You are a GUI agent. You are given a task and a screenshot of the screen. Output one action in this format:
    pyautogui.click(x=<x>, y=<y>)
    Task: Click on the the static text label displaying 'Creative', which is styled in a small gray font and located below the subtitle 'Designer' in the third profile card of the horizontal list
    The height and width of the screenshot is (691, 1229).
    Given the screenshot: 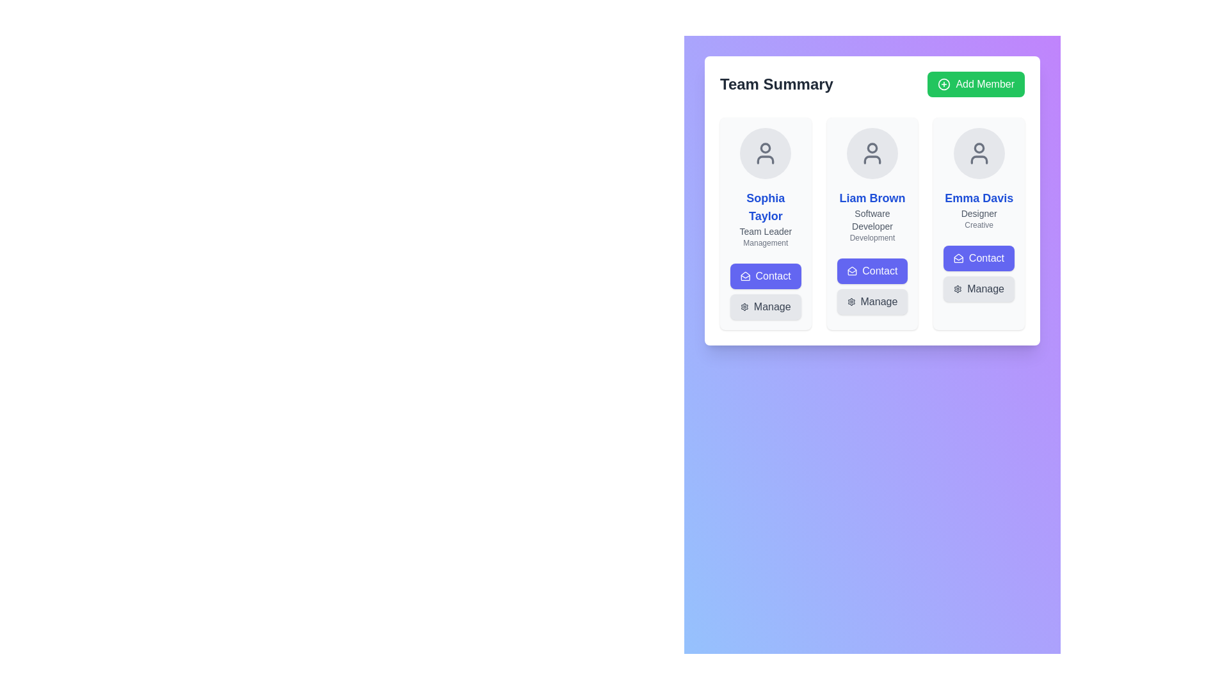 What is the action you would take?
    pyautogui.click(x=978, y=224)
    